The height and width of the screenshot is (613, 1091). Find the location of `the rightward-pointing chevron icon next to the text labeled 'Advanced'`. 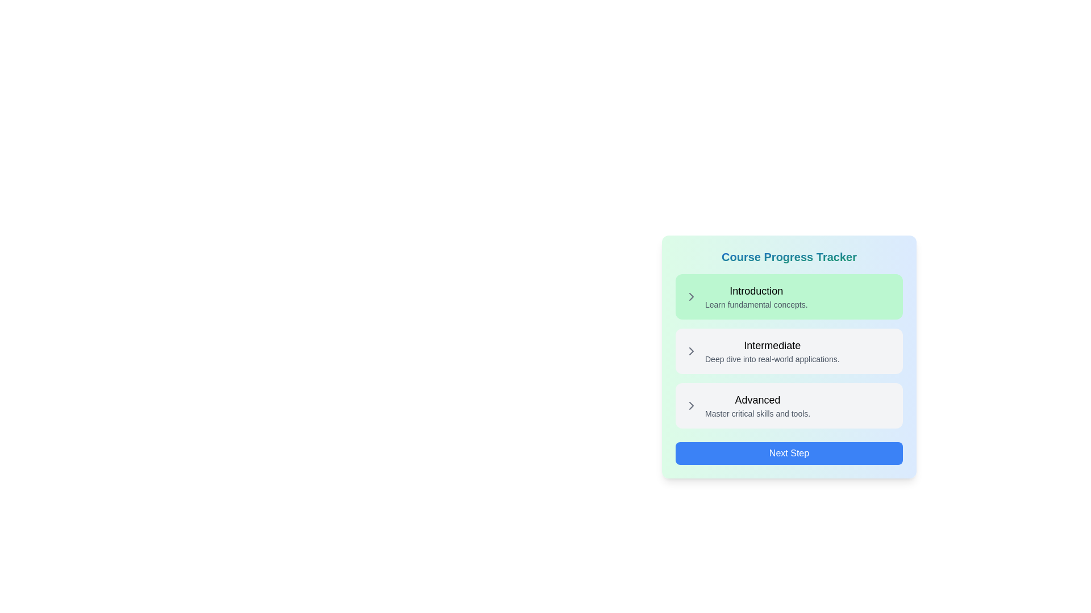

the rightward-pointing chevron icon next to the text labeled 'Advanced' is located at coordinates (691, 405).